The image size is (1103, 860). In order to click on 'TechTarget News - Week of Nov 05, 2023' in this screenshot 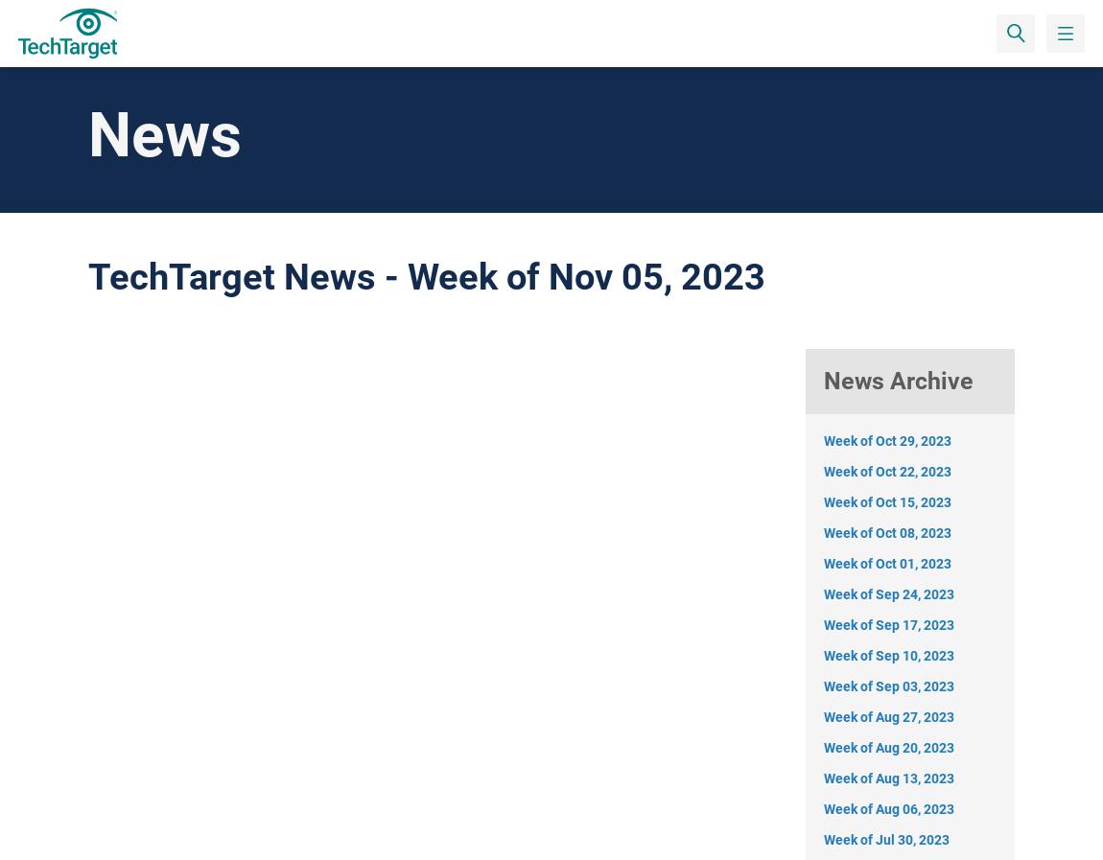, I will do `click(427, 276)`.